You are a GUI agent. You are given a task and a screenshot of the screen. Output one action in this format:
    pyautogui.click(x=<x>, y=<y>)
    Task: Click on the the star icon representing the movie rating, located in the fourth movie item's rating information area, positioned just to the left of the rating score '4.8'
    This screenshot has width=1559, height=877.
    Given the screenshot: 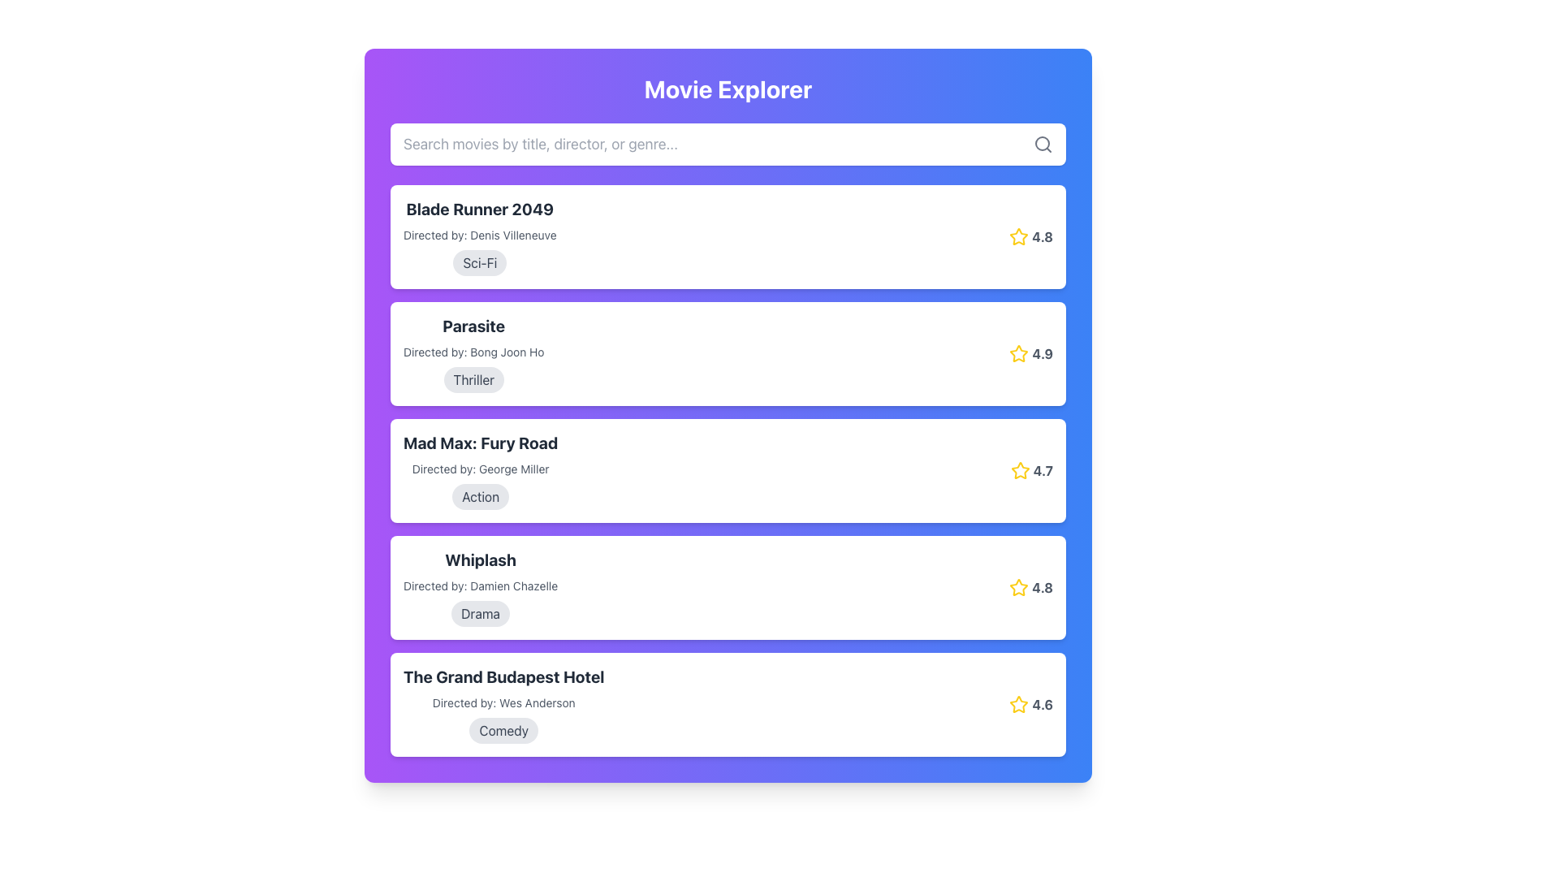 What is the action you would take?
    pyautogui.click(x=1018, y=588)
    